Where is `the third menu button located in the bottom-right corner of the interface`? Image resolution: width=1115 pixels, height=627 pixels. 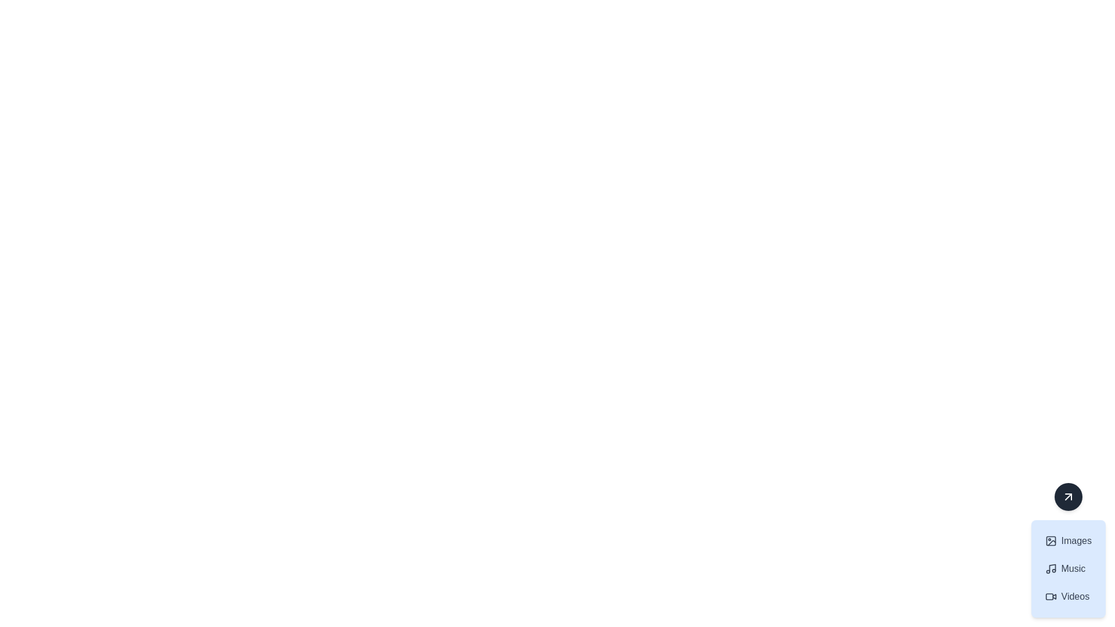 the third menu button located in the bottom-right corner of the interface is located at coordinates (1068, 597).